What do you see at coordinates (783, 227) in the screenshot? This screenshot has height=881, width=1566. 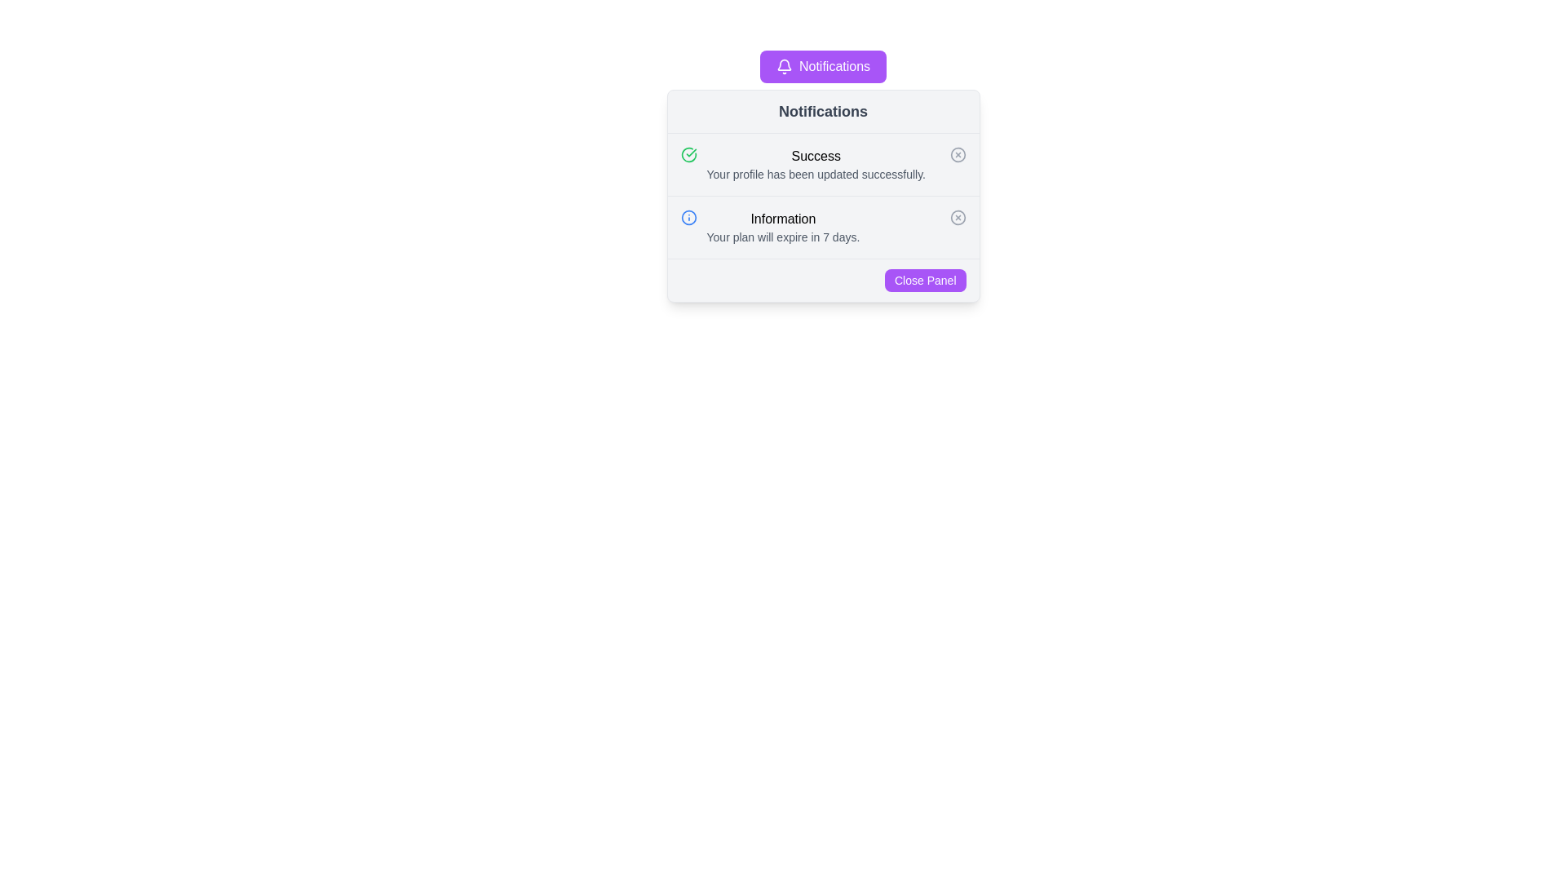 I see `the second notification in the vertical list, which informs the user that their plan will expire in 7 days` at bounding box center [783, 227].